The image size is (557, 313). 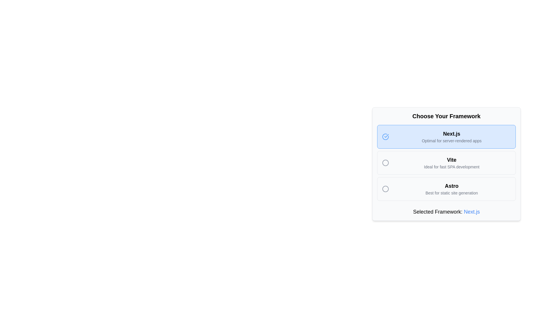 What do you see at coordinates (386, 137) in the screenshot?
I see `the blue circular icon with a checkmark inside it, located at the top-left corner of the 'Next.js' option card` at bounding box center [386, 137].